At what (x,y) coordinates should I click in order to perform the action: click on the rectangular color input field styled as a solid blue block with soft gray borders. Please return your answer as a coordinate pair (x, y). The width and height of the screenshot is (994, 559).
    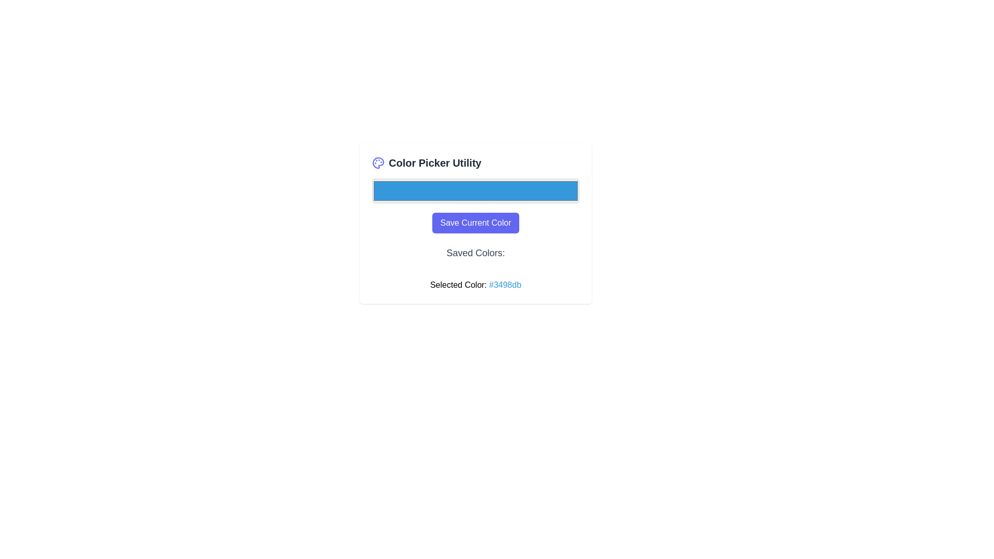
    Looking at the image, I should click on (475, 191).